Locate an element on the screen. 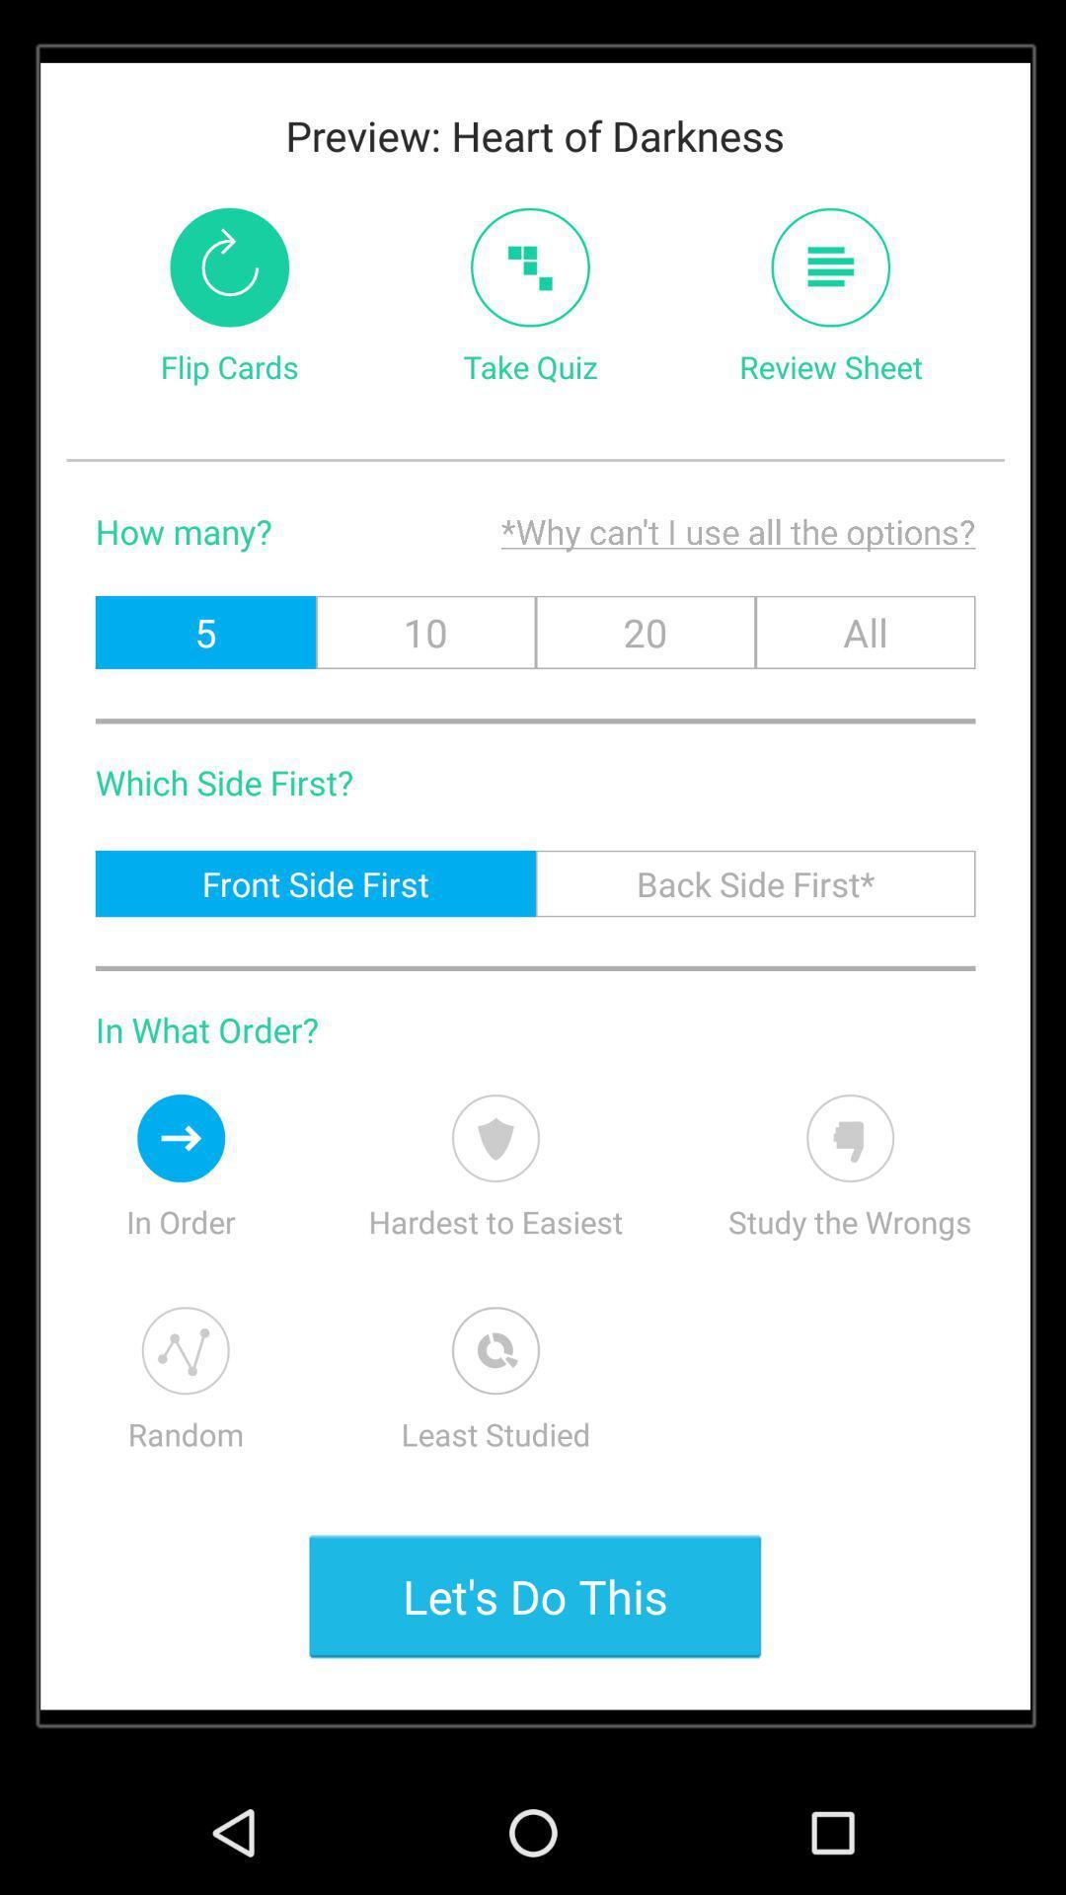  the icon below preview heart of is located at coordinates (529, 266).